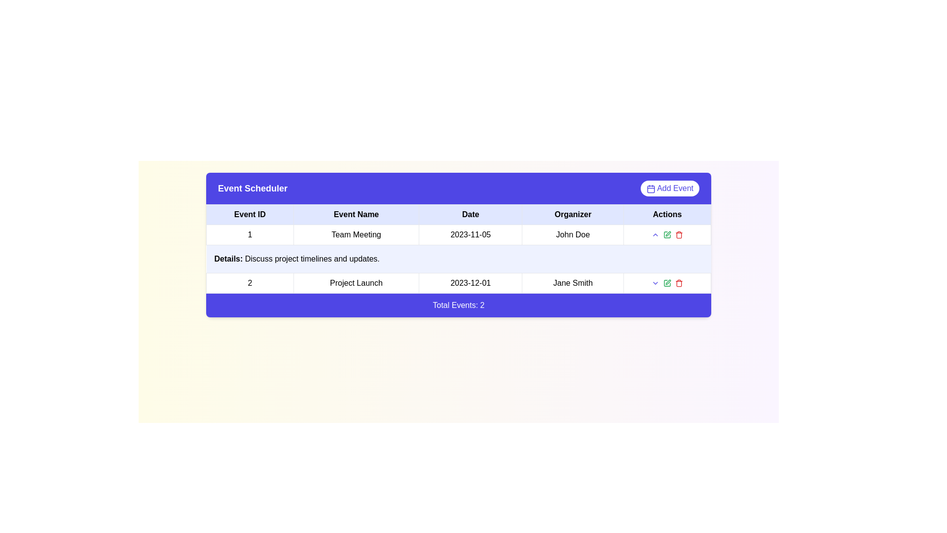 The image size is (947, 533). Describe the element at coordinates (656, 234) in the screenshot. I see `the interactive button located in the second row of the 'Actions' column` at that location.